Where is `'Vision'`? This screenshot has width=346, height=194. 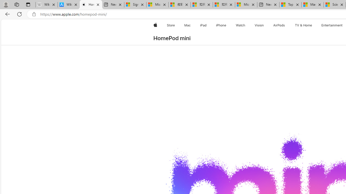 'Vision' is located at coordinates (259, 25).